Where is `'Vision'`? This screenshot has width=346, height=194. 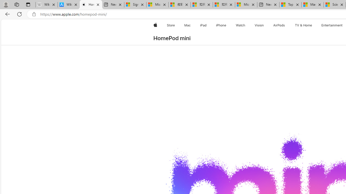 'Vision' is located at coordinates (259, 25).